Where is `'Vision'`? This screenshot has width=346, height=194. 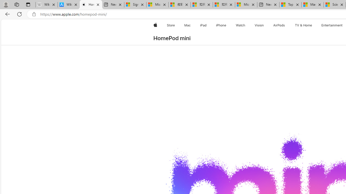 'Vision' is located at coordinates (259, 25).